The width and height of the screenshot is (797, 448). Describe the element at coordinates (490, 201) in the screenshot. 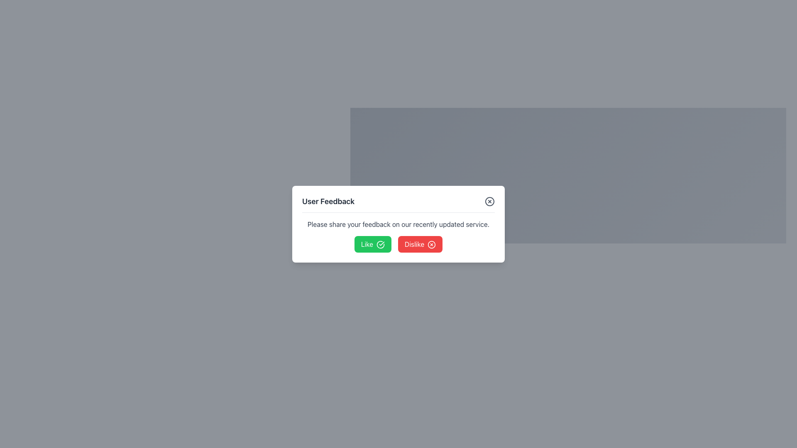

I see `the small circular icon with an 'X' mark located at the top-right corner of the 'User Feedback' title section` at that location.